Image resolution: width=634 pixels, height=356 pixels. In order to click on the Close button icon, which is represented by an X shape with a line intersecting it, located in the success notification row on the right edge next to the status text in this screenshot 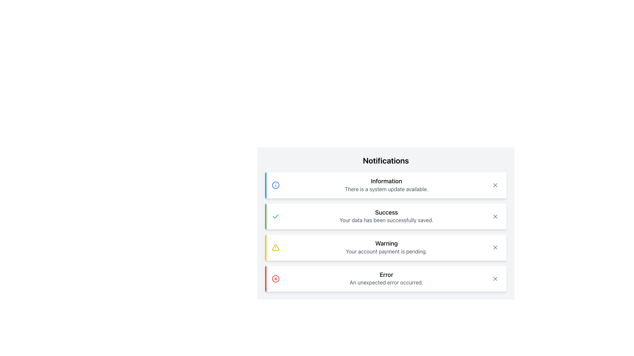, I will do `click(495, 216)`.